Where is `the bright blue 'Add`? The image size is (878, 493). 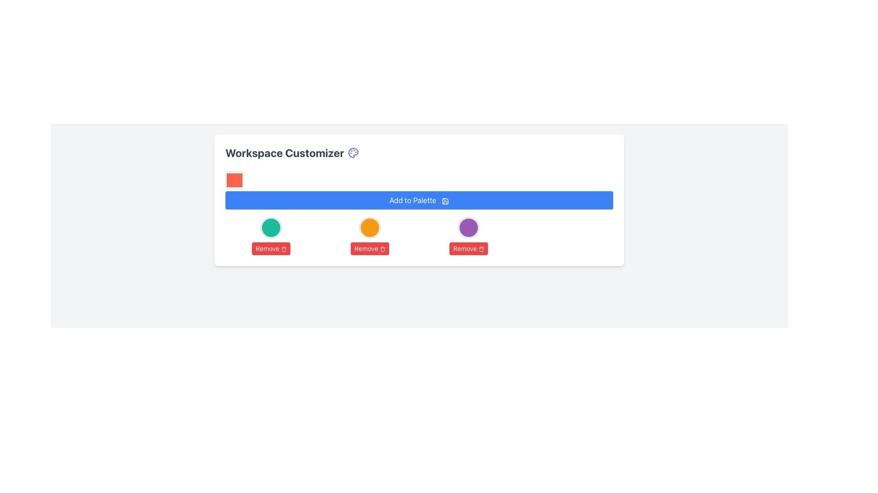 the bright blue 'Add is located at coordinates (418, 213).